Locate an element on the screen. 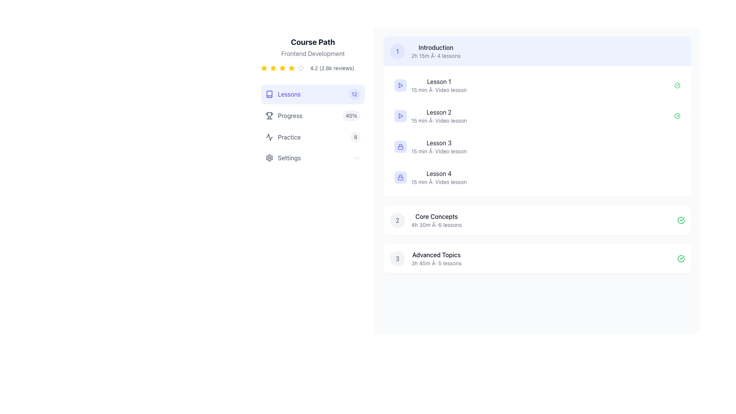 This screenshot has height=414, width=736. the upper circular arc of the SVG icon representing a check mark, which is styled with a thin green stroke and located to the right of the 'Lesson 2' text is located at coordinates (677, 85).